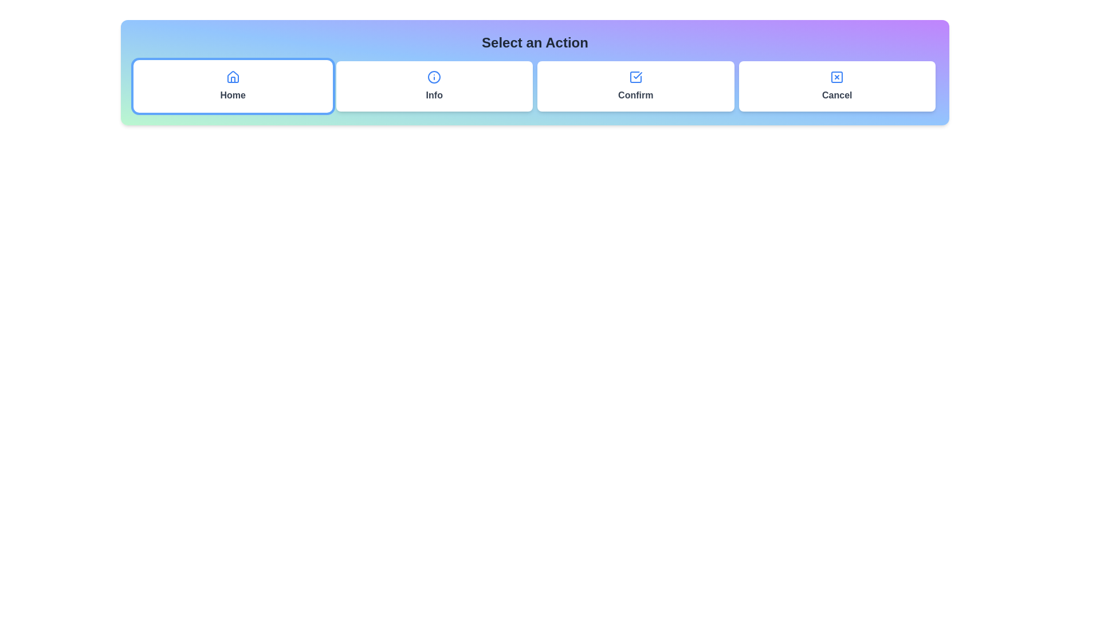 The image size is (1100, 618). Describe the element at coordinates (434, 85) in the screenshot. I see `the button labeled Info to observe its hover effect` at that location.